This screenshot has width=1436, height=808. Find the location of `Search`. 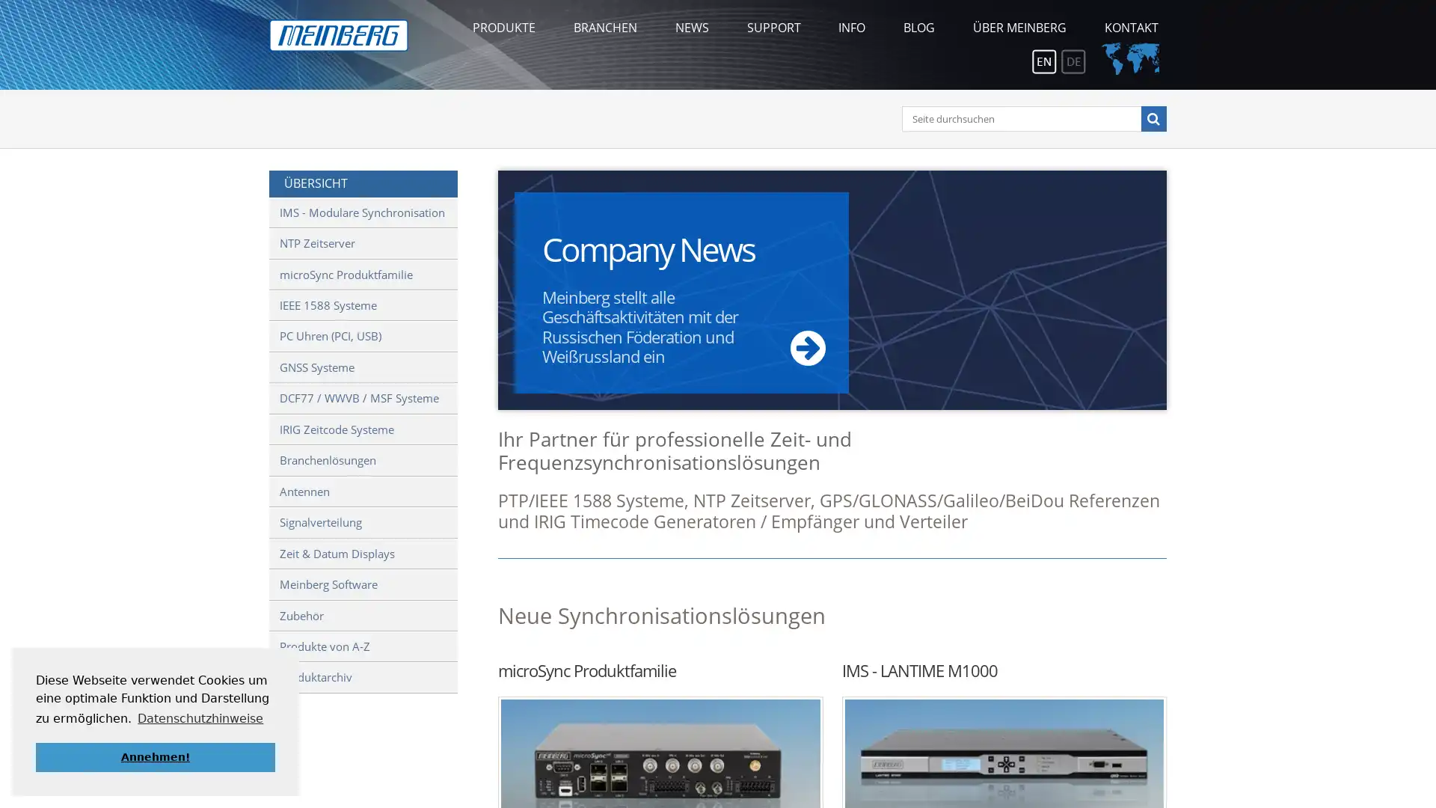

Search is located at coordinates (1152, 117).